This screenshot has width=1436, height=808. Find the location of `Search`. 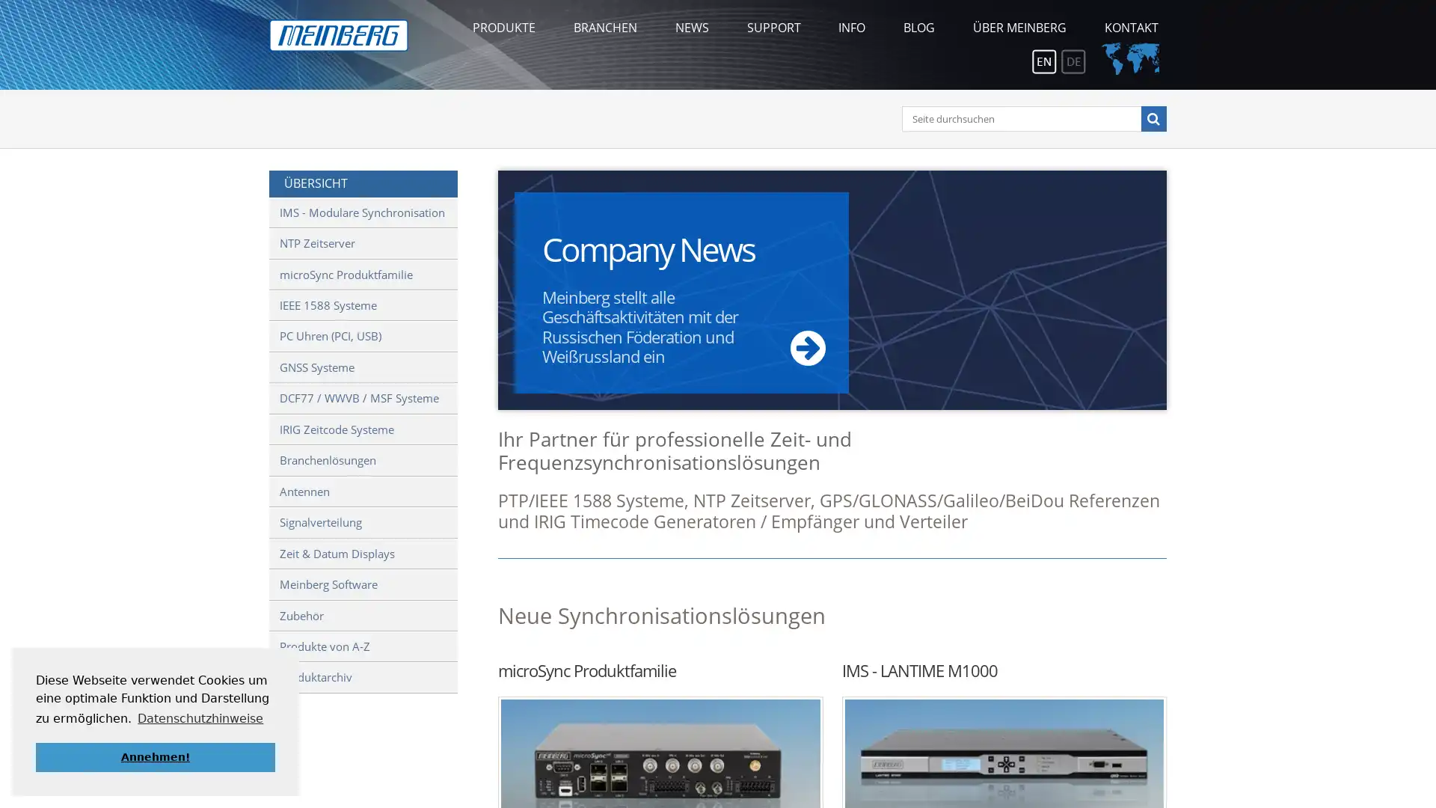

Search is located at coordinates (1152, 117).